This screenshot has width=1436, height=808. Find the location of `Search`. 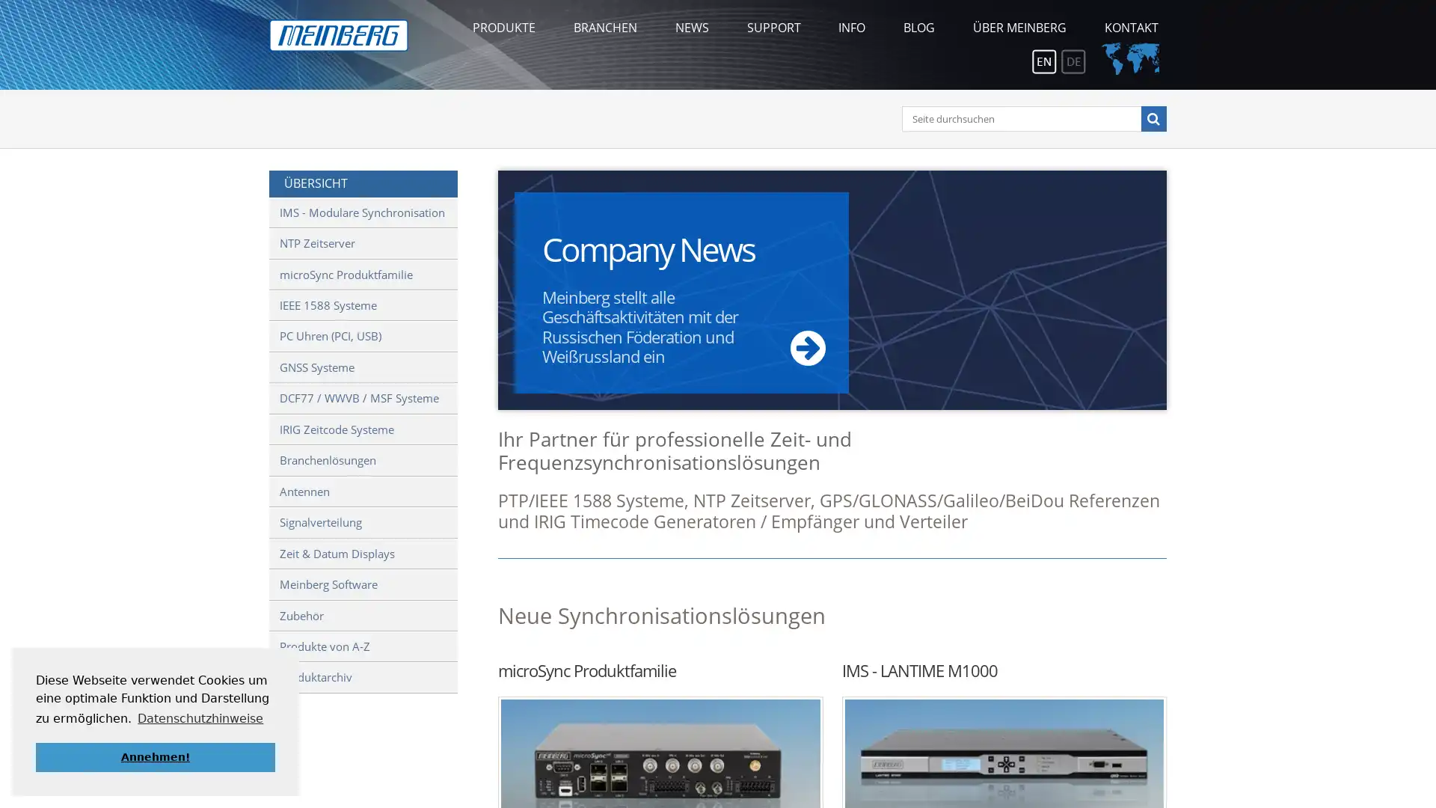

Search is located at coordinates (1152, 117).